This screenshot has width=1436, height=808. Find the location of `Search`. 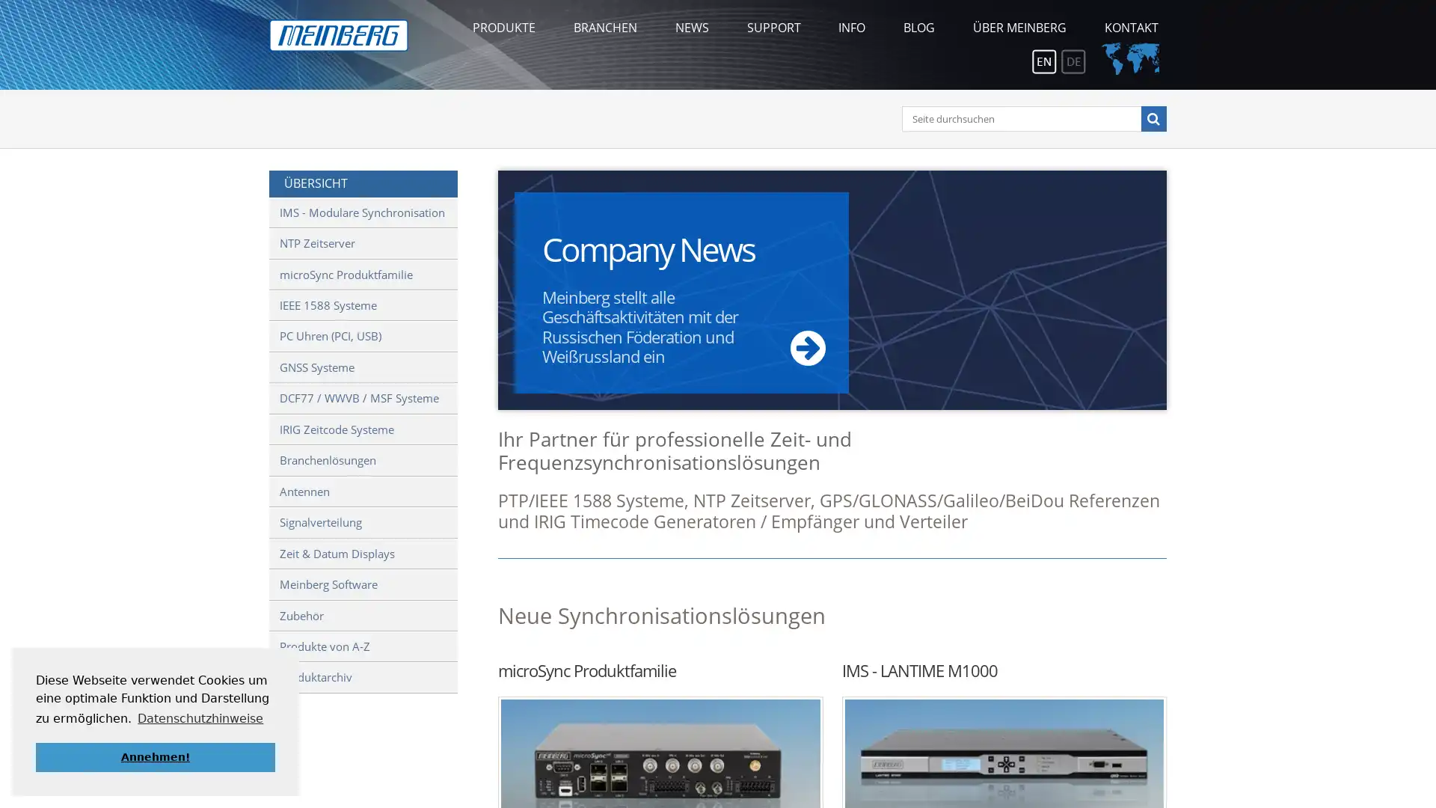

Search is located at coordinates (1152, 117).